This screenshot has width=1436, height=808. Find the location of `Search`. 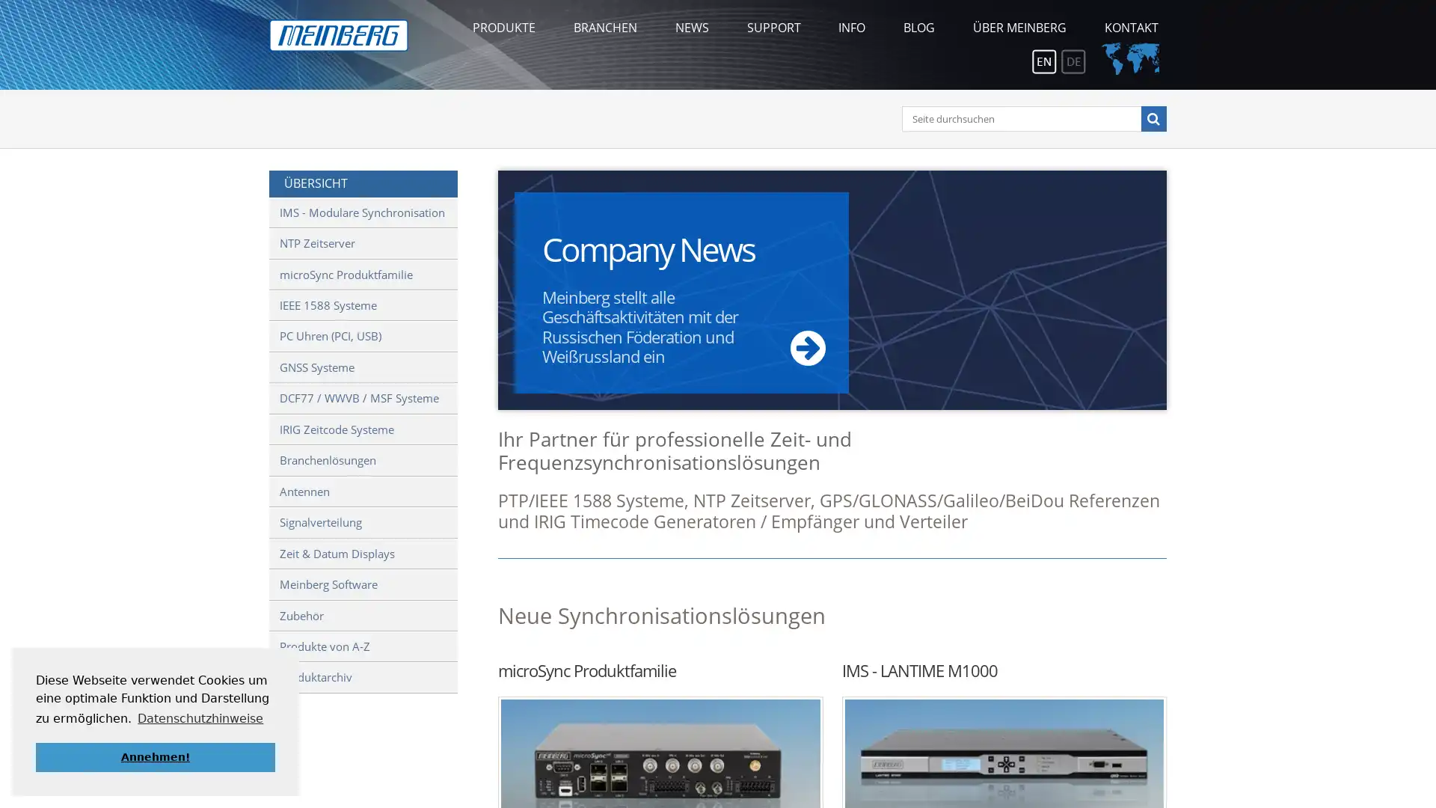

Search is located at coordinates (1152, 117).